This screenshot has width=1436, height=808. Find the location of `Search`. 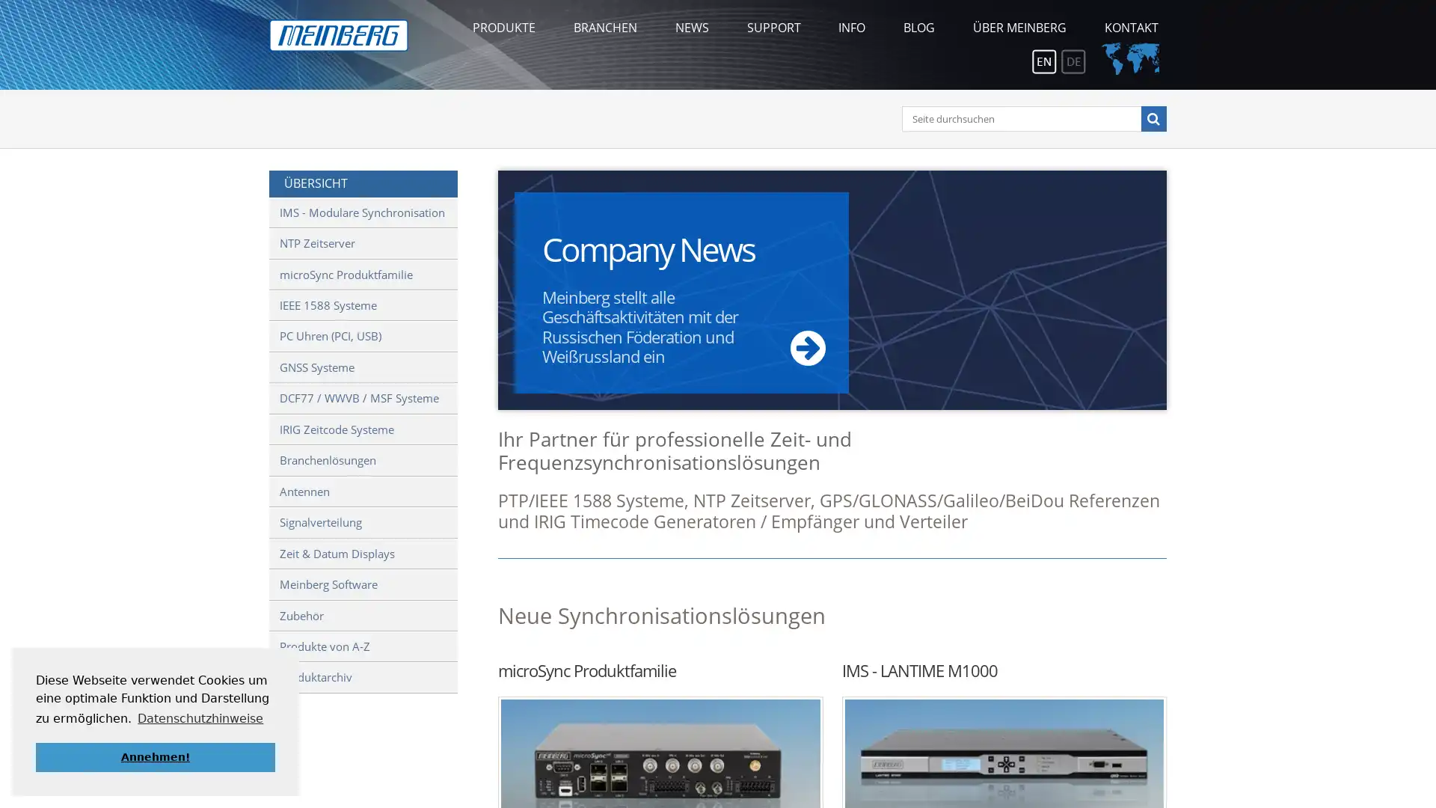

Search is located at coordinates (1152, 117).